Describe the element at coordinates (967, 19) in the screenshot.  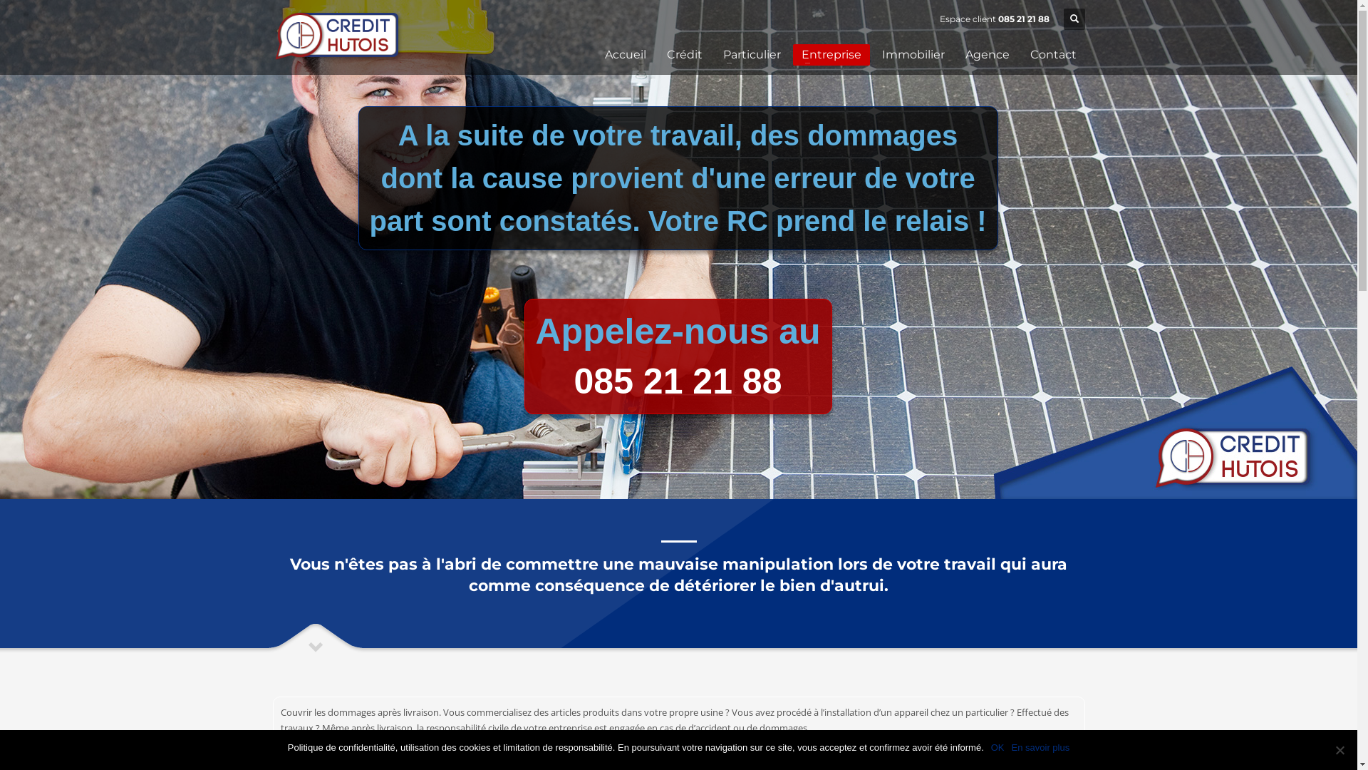
I see `'Espace client'` at that location.